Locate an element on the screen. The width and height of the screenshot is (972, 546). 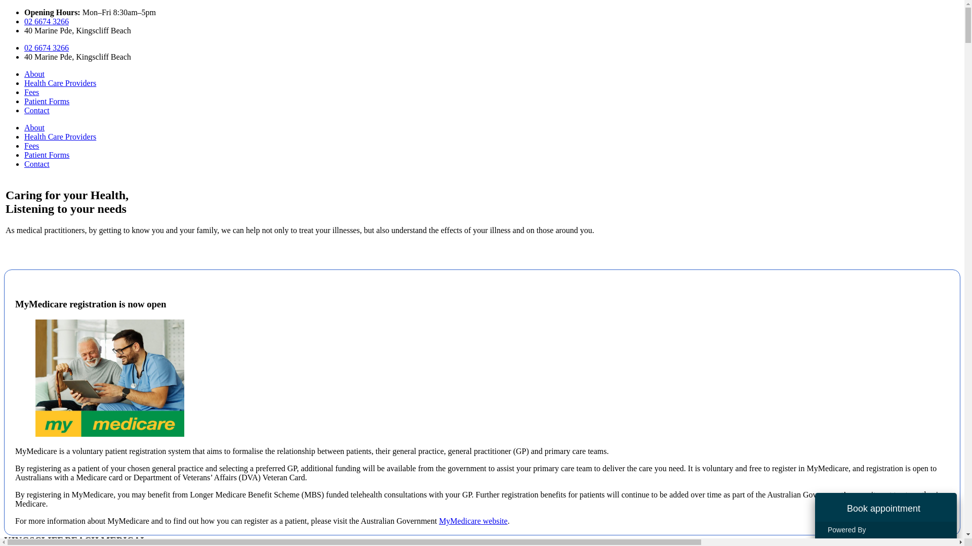
'Health Care Providers' is located at coordinates (60, 82).